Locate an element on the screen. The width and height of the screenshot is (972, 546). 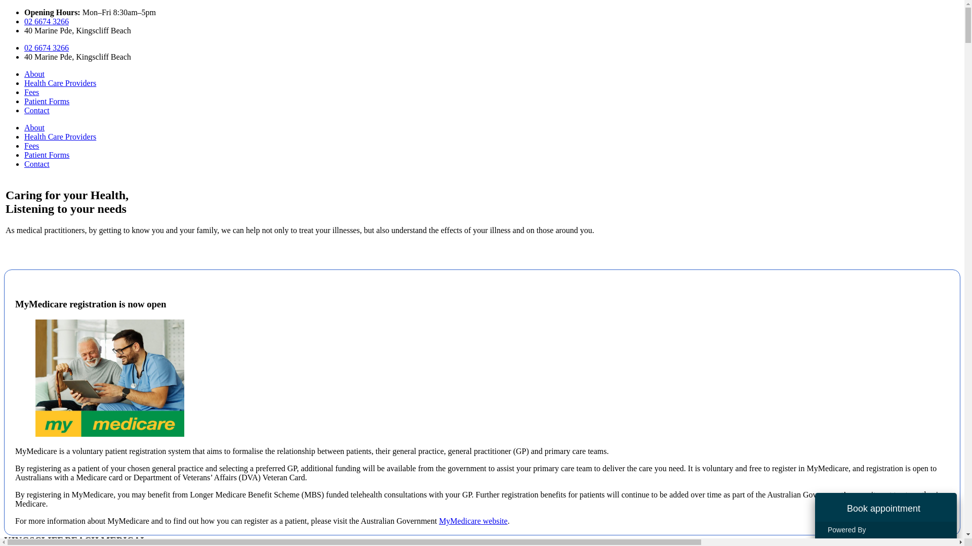
'Health Care Providers' is located at coordinates (60, 82).